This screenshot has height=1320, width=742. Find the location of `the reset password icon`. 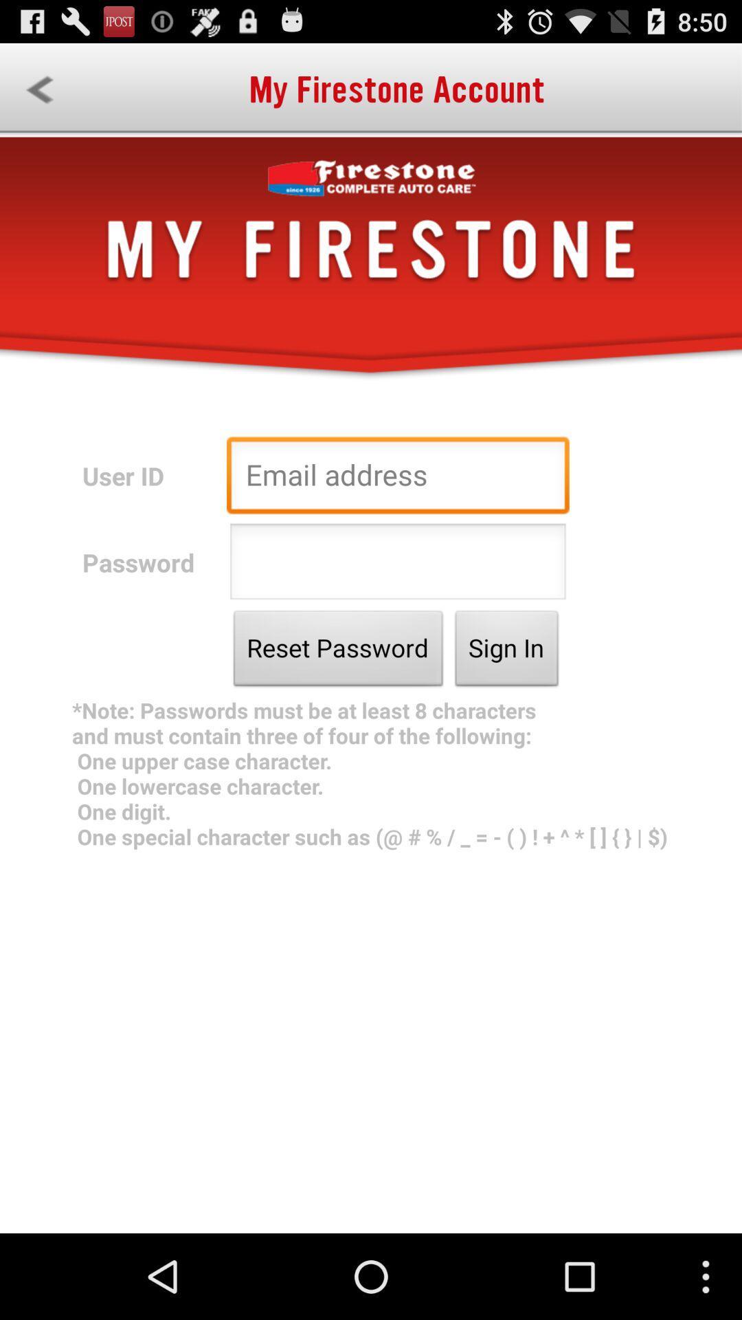

the reset password icon is located at coordinates (338, 651).